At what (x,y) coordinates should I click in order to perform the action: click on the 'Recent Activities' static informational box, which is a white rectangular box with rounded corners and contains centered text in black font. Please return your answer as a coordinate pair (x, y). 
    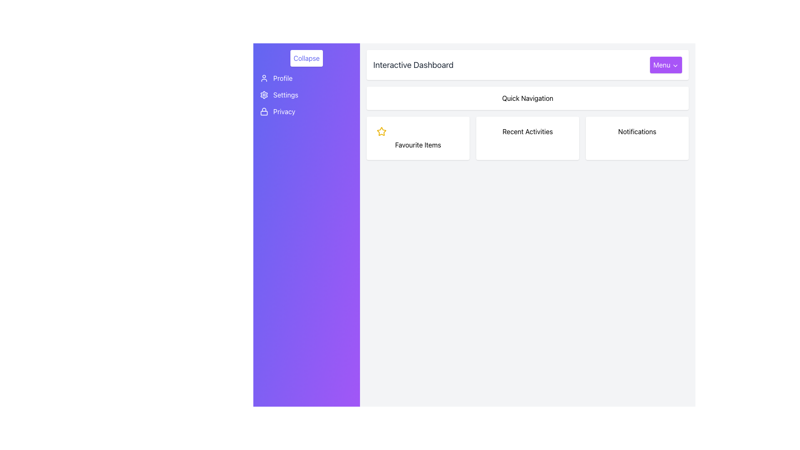
    Looking at the image, I should click on (527, 137).